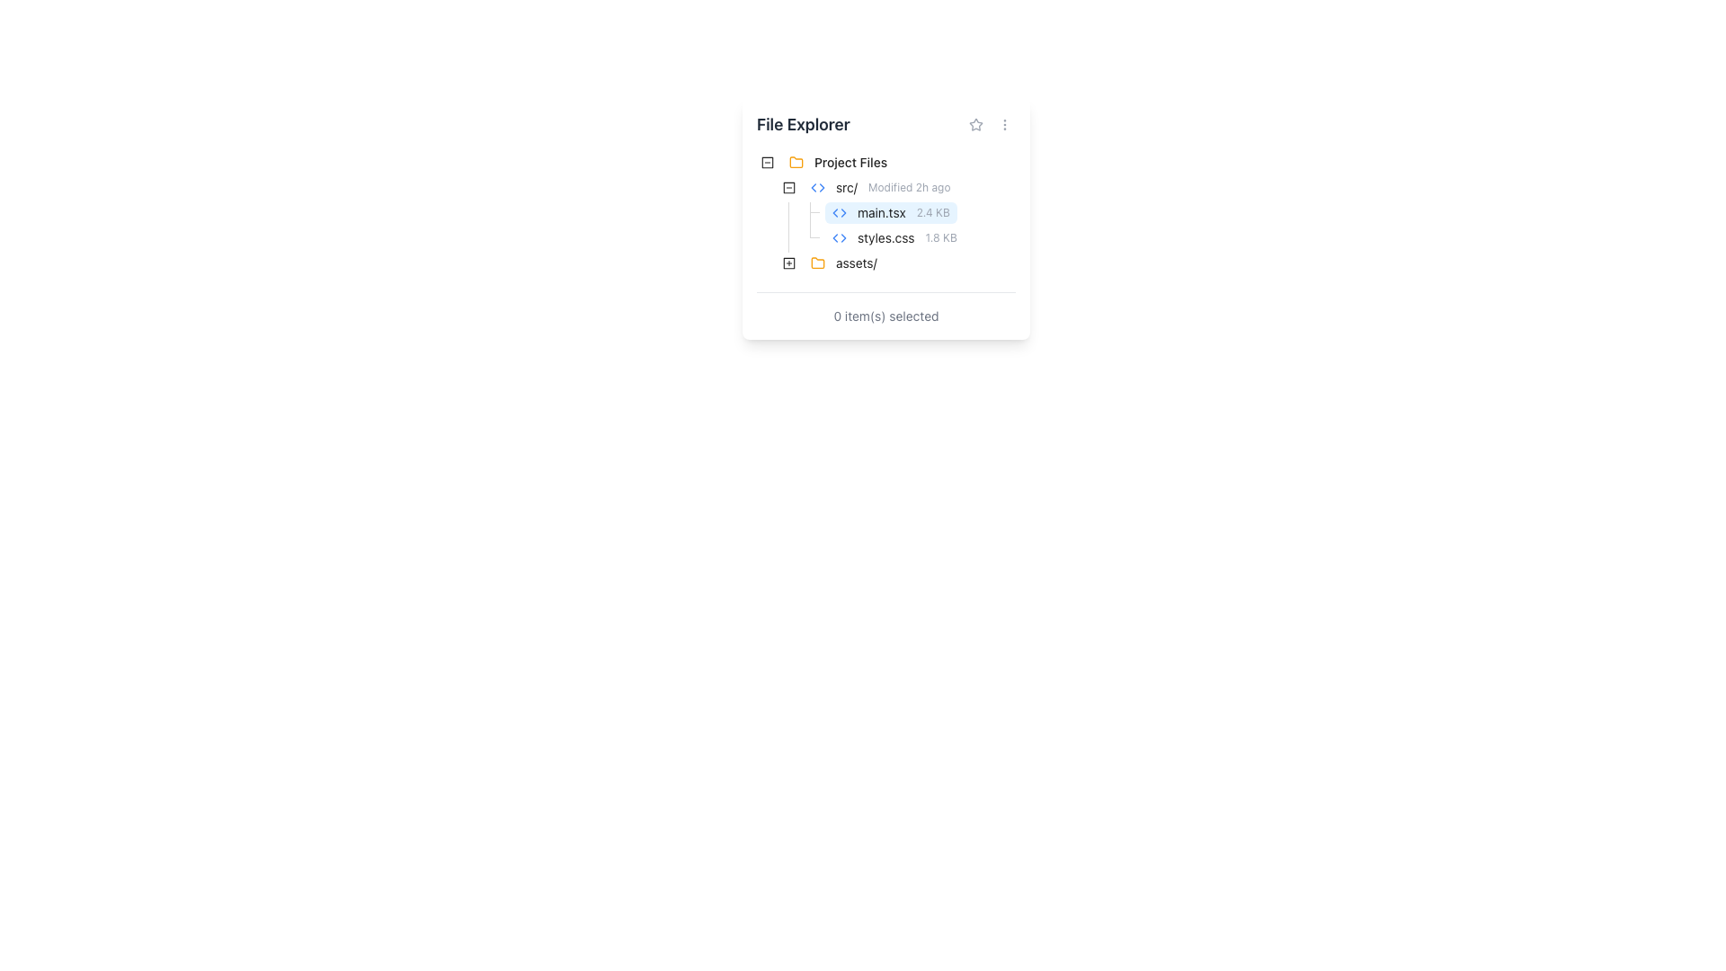 The image size is (1726, 971). What do you see at coordinates (768, 163) in the screenshot?
I see `the square icon representing the collapsed state of a user interface group` at bounding box center [768, 163].